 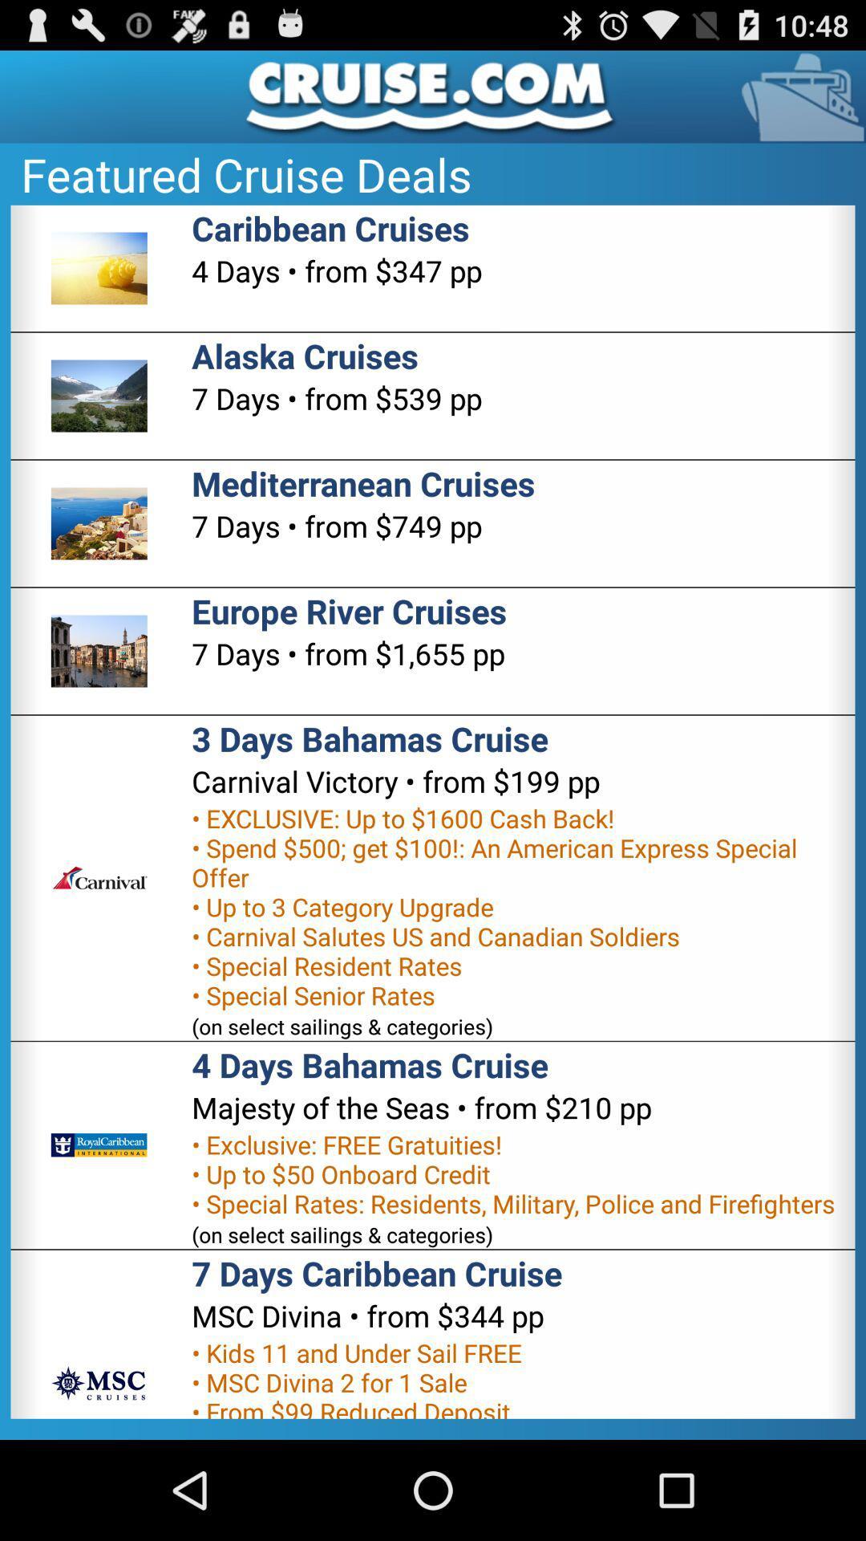 I want to click on icon above the exclusive free gratuities icon, so click(x=421, y=1107).